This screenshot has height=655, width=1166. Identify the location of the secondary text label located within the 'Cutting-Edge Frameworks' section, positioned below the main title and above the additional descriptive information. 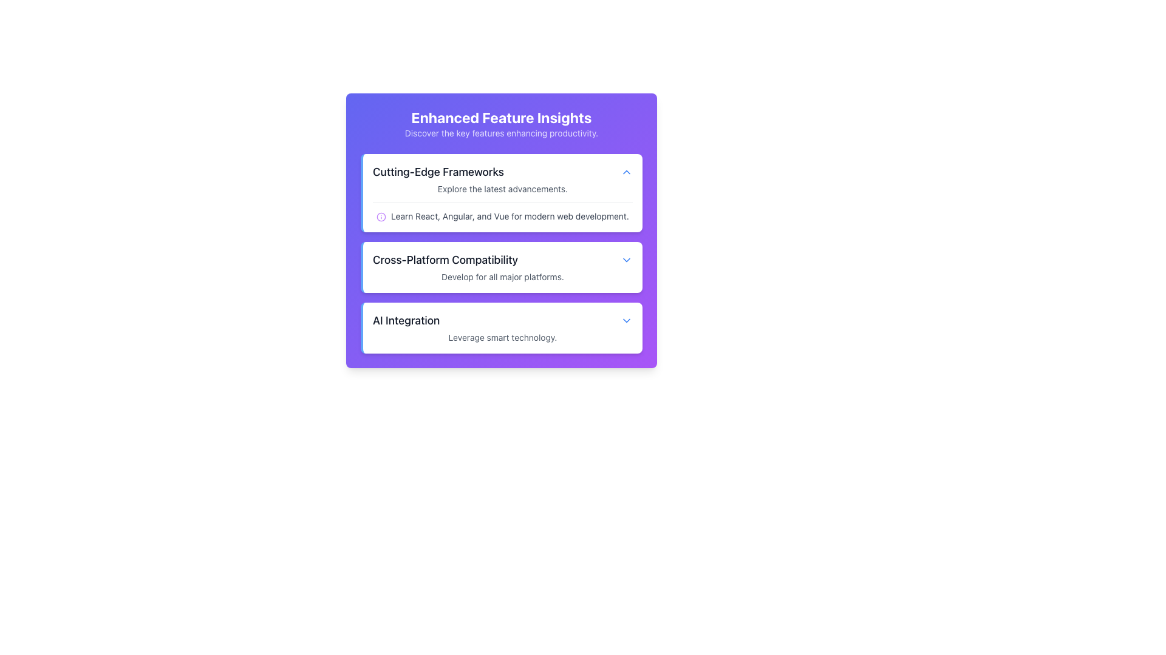
(503, 189).